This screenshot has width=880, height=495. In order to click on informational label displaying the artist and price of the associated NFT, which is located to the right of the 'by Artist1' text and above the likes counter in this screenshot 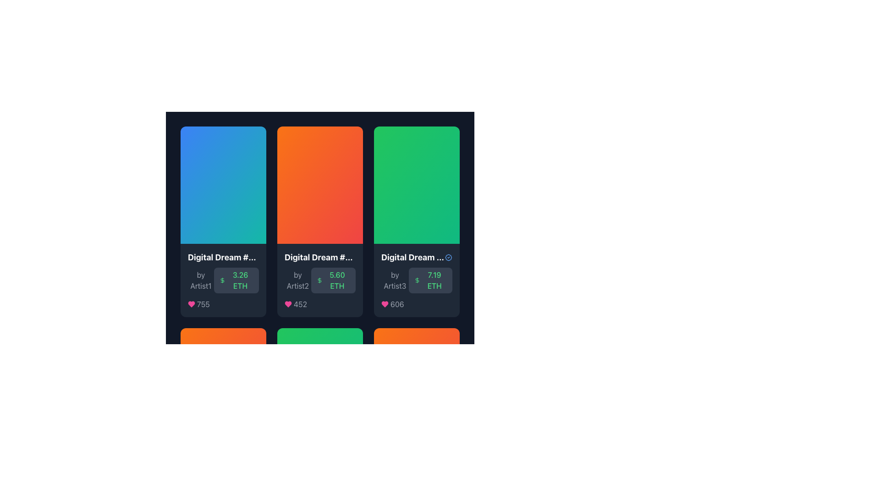, I will do `click(223, 280)`.